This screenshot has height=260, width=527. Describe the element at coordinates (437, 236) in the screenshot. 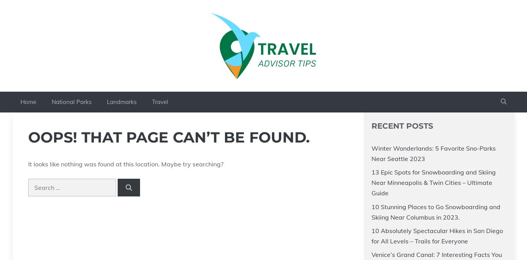

I see `'10 Absolutely Spectacular Hikes in San Diego for All Levels – Trails for Everyone'` at that location.